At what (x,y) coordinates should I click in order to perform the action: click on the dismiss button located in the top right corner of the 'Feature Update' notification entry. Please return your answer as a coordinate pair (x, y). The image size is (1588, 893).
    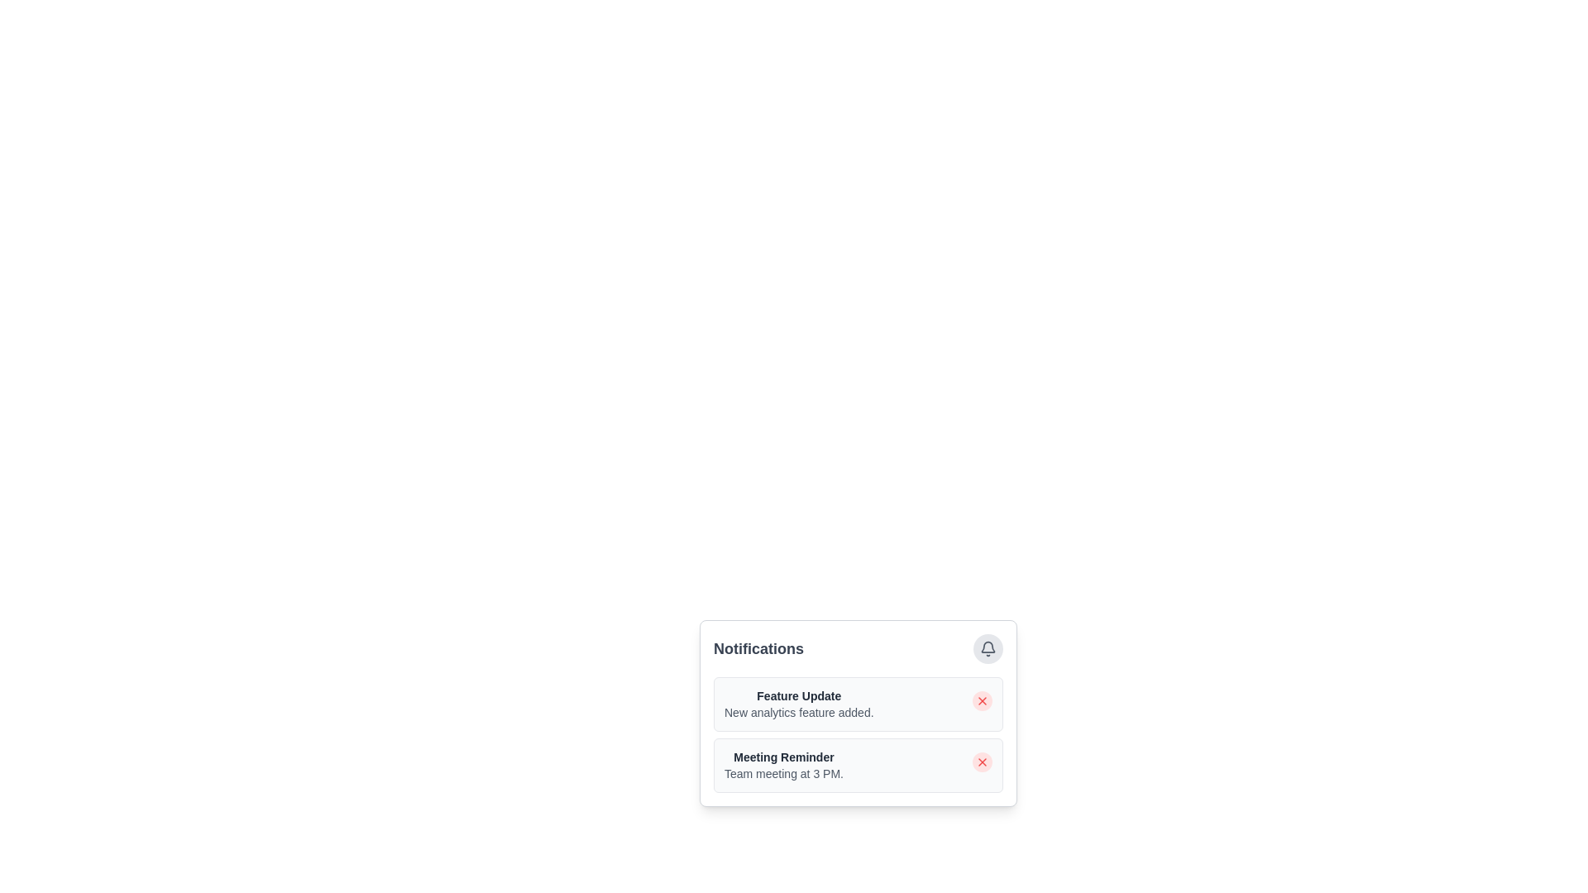
    Looking at the image, I should click on (983, 701).